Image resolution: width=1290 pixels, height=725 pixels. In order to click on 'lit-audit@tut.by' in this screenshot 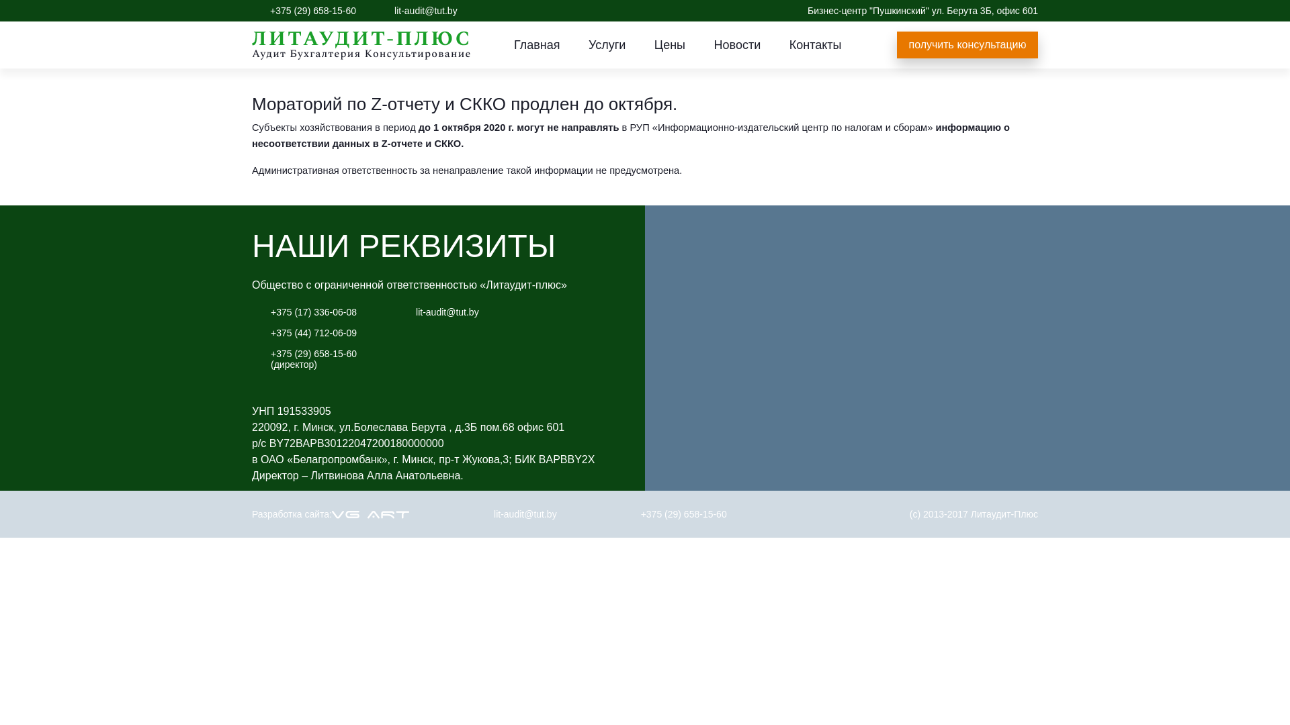, I will do `click(525, 514)`.